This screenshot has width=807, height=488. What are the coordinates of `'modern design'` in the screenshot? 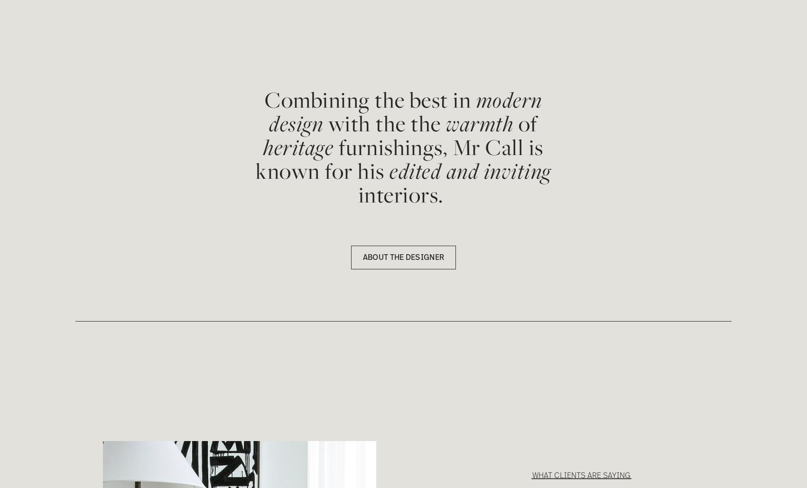 It's located at (408, 111).